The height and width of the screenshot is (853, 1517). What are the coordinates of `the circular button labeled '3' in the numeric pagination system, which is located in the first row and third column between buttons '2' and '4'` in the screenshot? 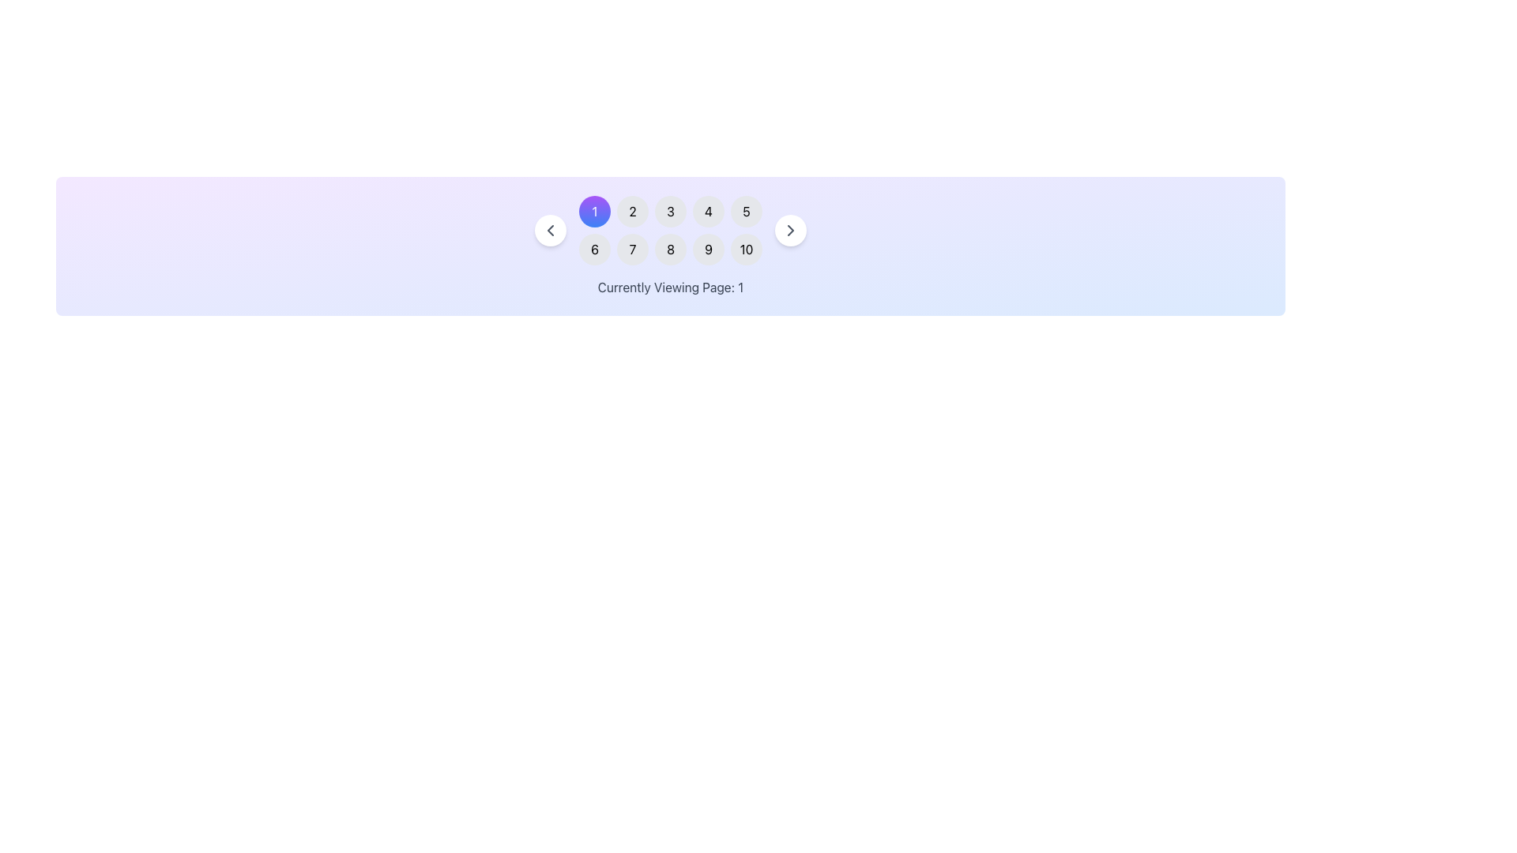 It's located at (671, 210).